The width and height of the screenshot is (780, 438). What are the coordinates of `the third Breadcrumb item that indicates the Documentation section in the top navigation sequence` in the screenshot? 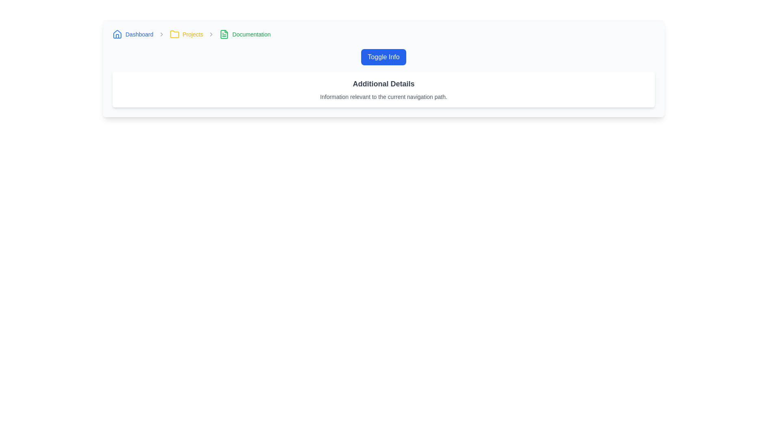 It's located at (245, 34).